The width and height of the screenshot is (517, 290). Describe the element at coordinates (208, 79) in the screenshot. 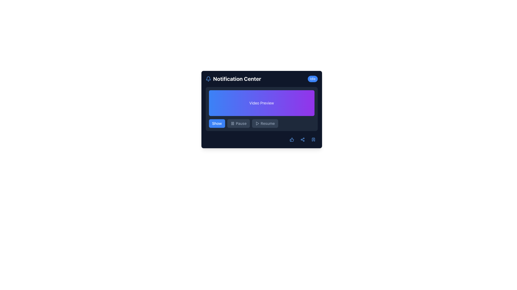

I see `the blue bell icon in the header section of the 'Notification Center'` at that location.